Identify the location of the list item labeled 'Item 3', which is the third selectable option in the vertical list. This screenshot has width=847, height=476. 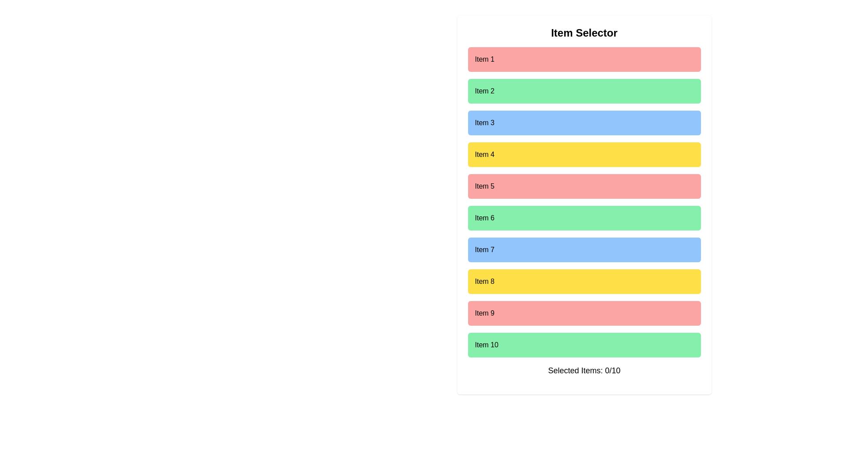
(584, 123).